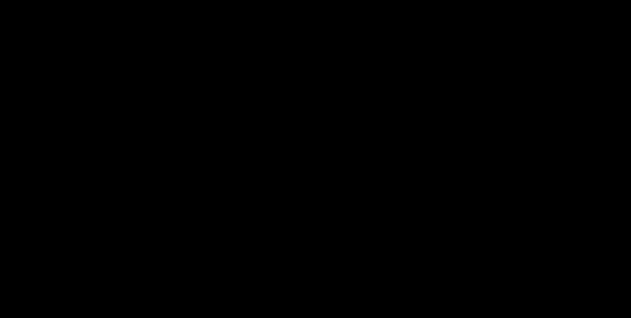  What do you see at coordinates (87, 21) in the screenshot?
I see `'Portfolio'` at bounding box center [87, 21].